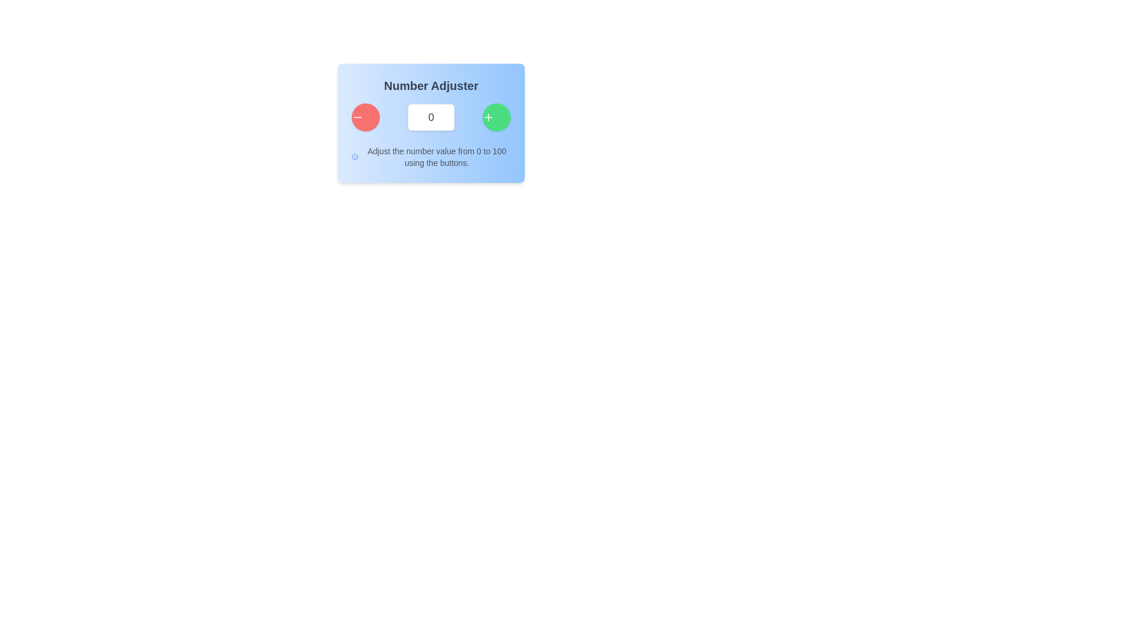 The height and width of the screenshot is (631, 1122). What do you see at coordinates (436, 157) in the screenshot?
I see `the static text label that reads 'Adjust the number value from 0 to 100 using the buttons', which is a small-sized gray text centered below the increment and decrement buttons` at bounding box center [436, 157].